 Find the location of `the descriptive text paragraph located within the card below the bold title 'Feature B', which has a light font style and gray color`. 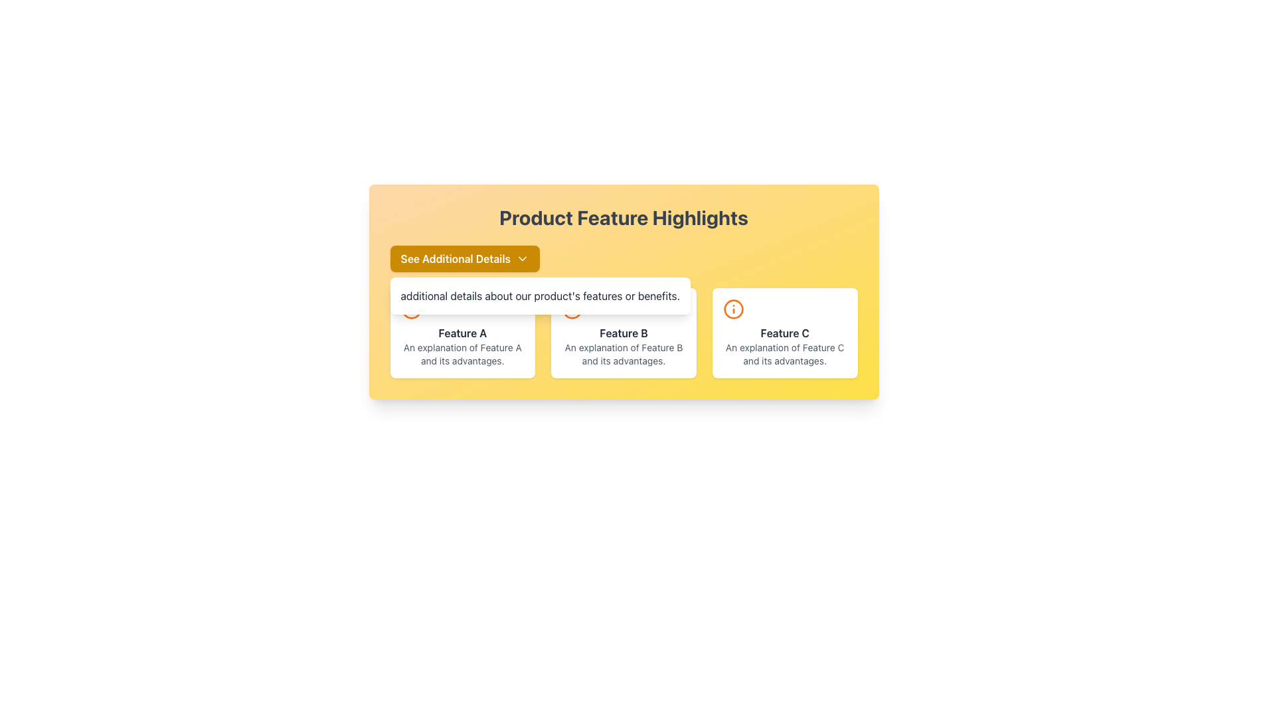

the descriptive text paragraph located within the card below the bold title 'Feature B', which has a light font style and gray color is located at coordinates (623, 353).